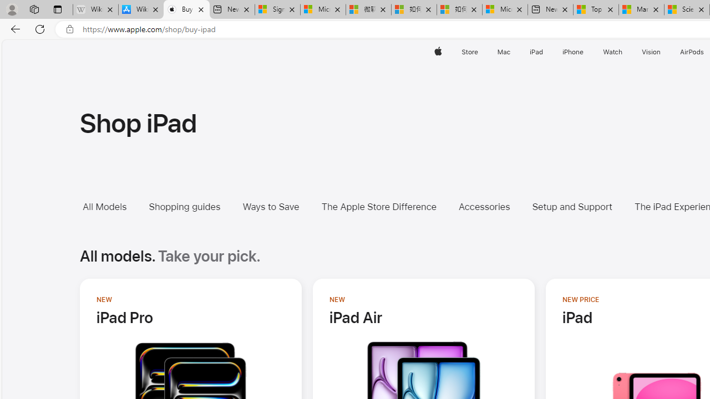  Describe the element at coordinates (104, 207) in the screenshot. I see `'All Models'` at that location.